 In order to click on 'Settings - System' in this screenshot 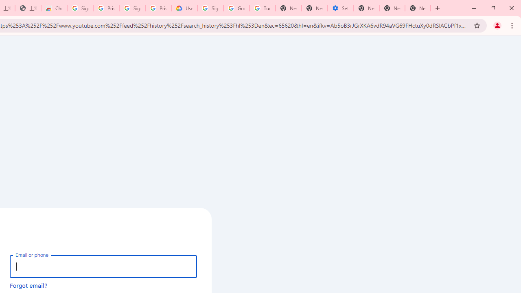, I will do `click(341, 8)`.